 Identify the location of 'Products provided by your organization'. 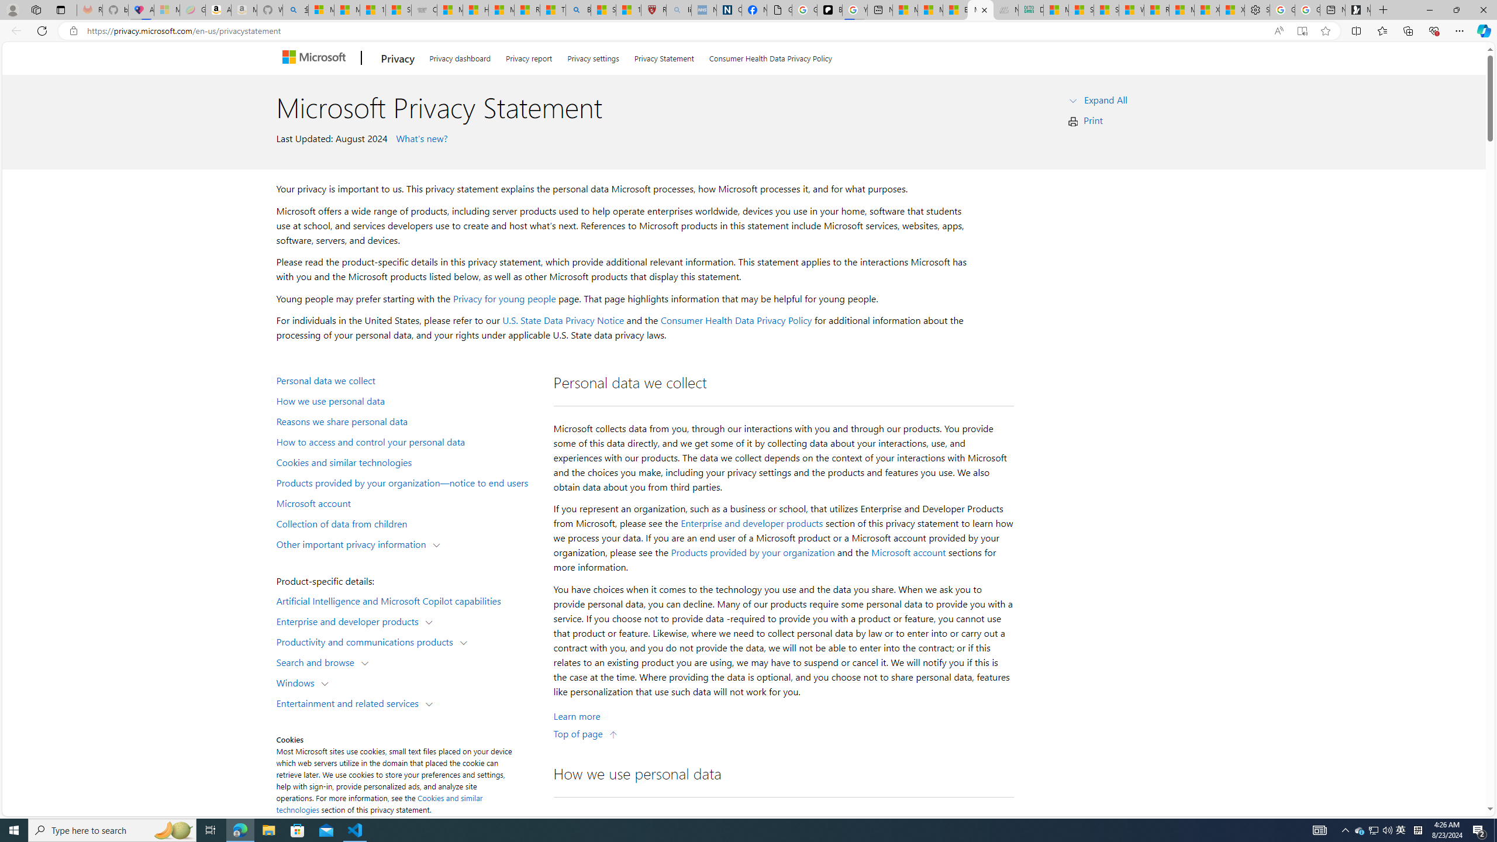
(753, 553).